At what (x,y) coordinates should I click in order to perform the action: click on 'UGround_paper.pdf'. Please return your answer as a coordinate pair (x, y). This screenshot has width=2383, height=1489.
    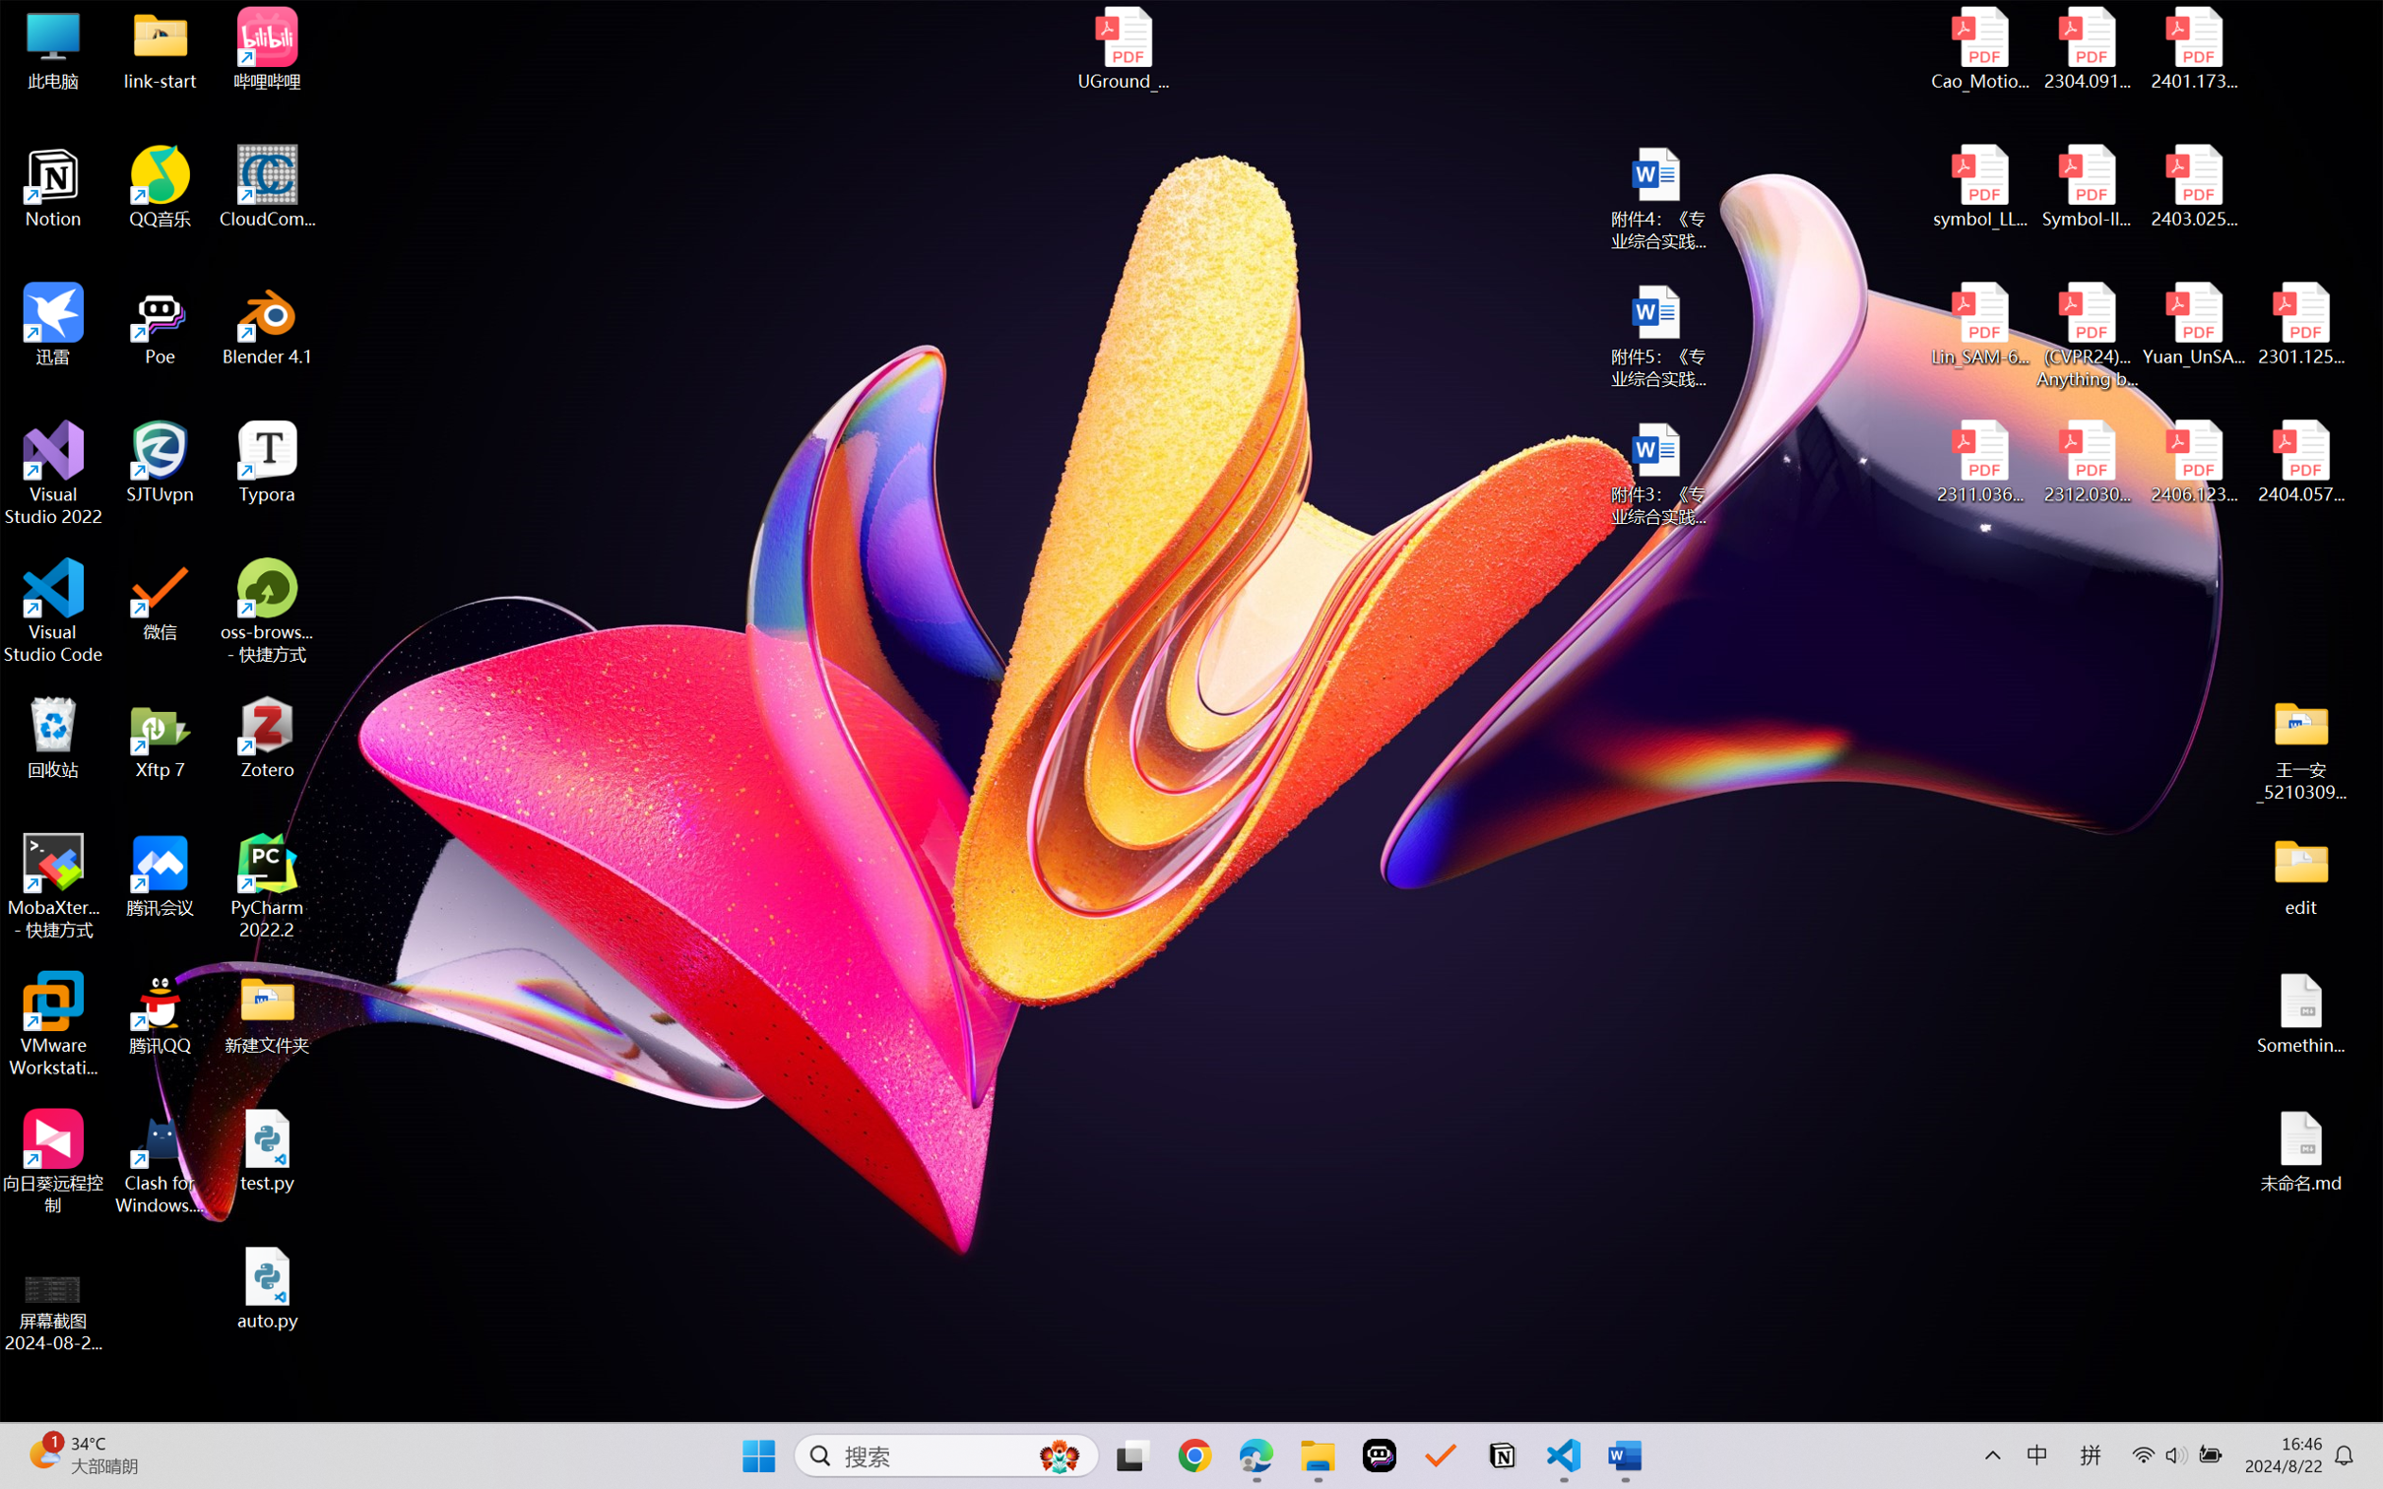
    Looking at the image, I should click on (1124, 48).